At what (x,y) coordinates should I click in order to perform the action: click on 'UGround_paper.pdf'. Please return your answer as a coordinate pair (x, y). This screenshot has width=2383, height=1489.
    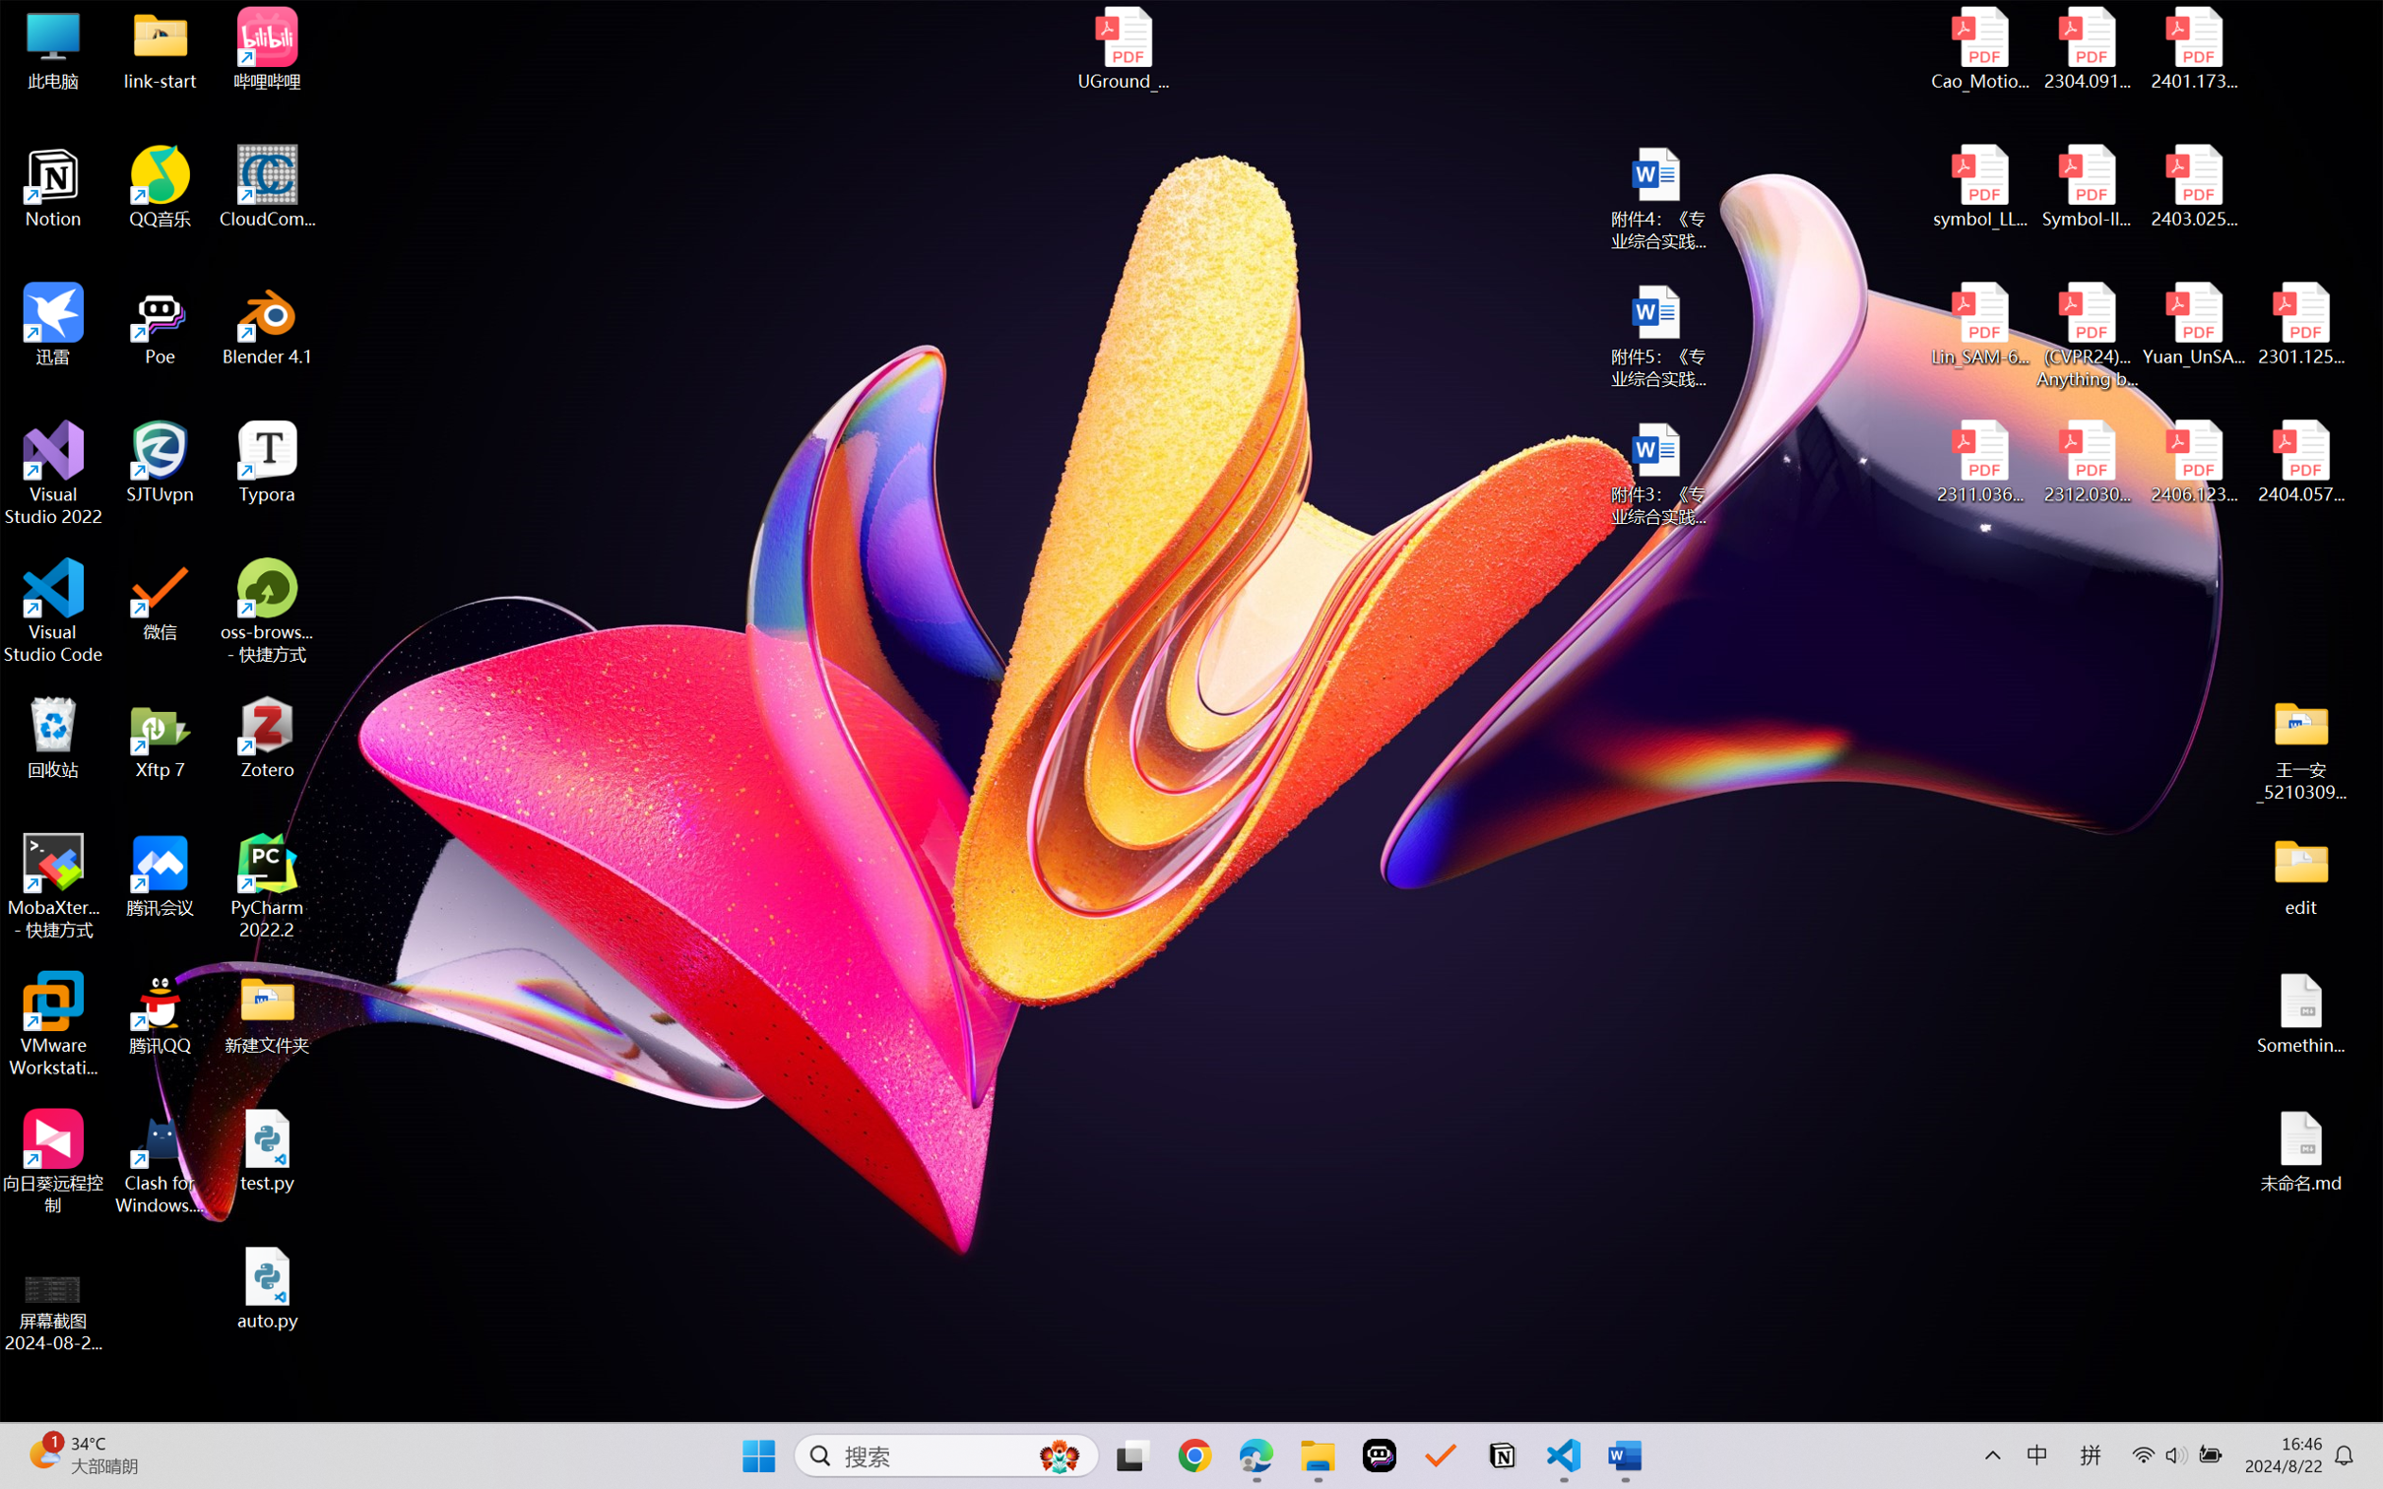
    Looking at the image, I should click on (1124, 48).